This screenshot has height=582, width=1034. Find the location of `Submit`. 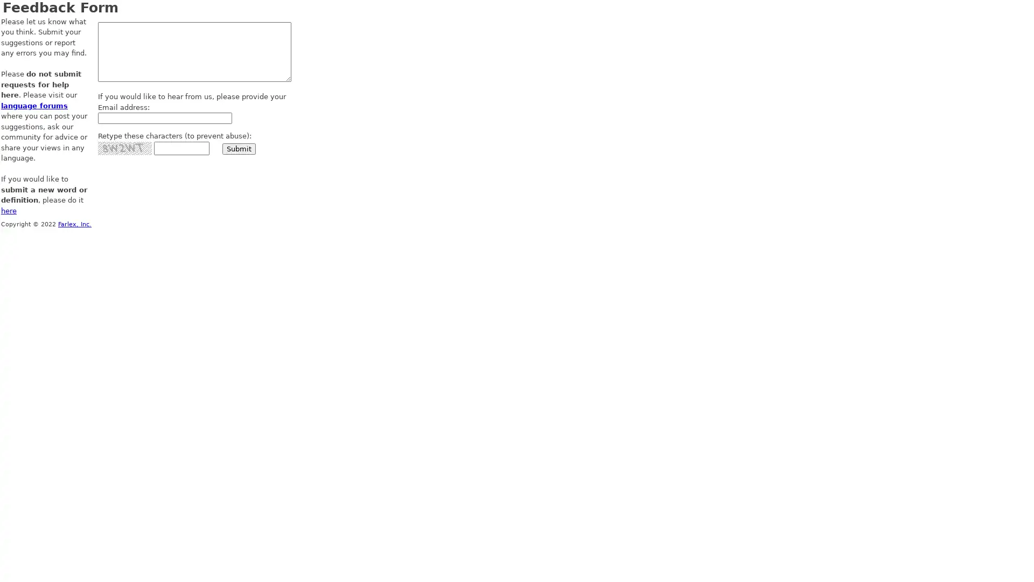

Submit is located at coordinates (239, 148).